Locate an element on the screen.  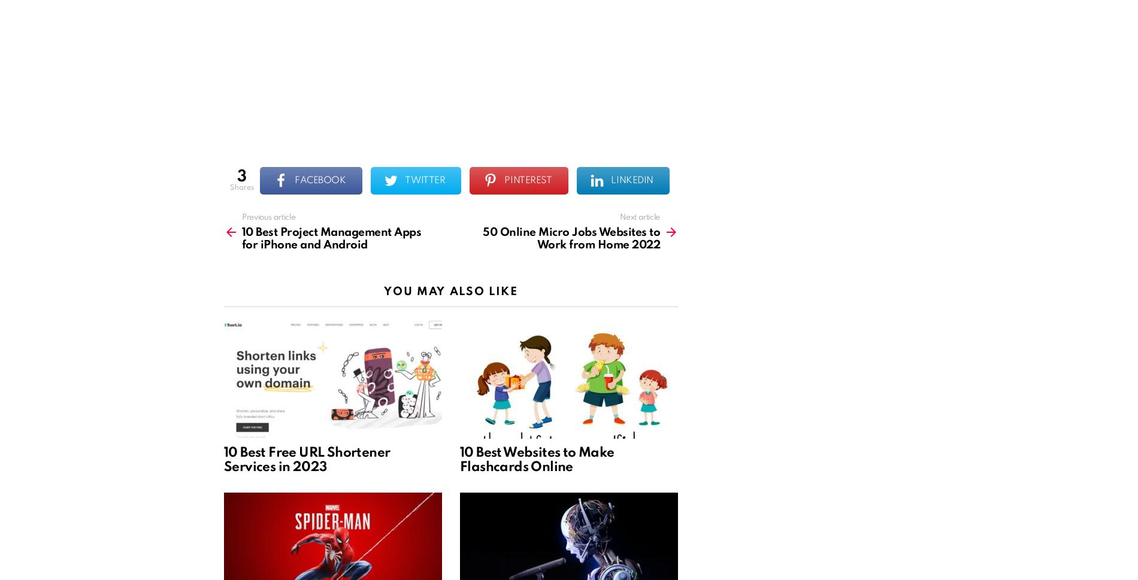
'50 Online Micro Jobs Websites to Work from Home 2022' is located at coordinates (571, 238).